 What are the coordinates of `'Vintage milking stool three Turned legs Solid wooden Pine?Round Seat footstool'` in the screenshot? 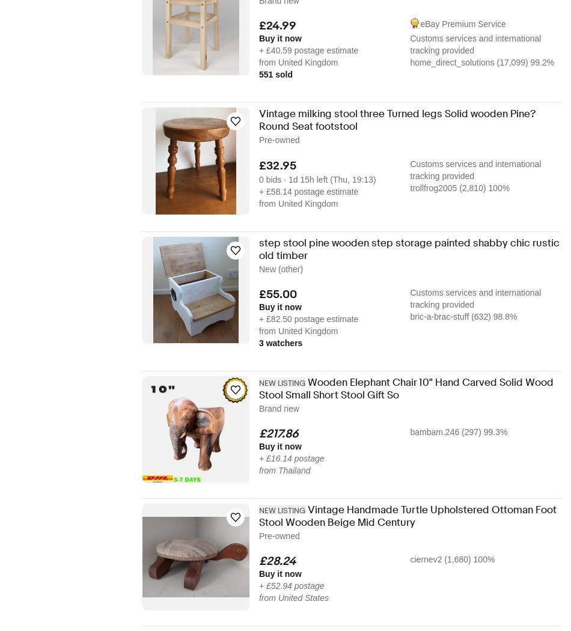 It's located at (397, 120).